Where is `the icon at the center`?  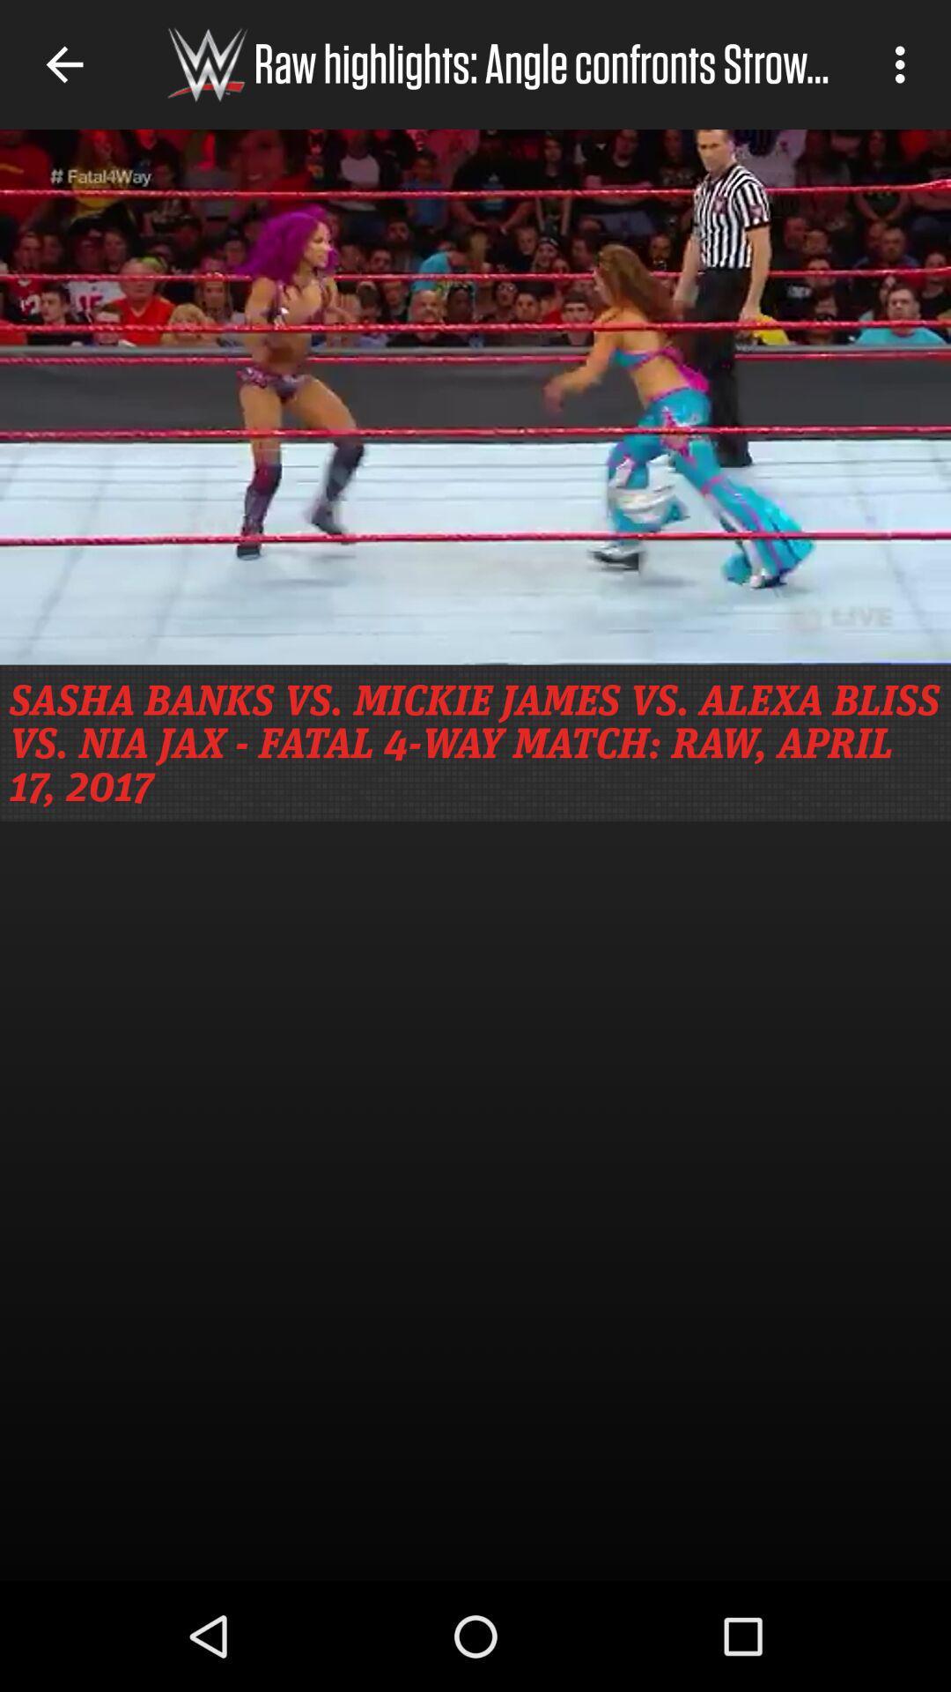
the icon at the center is located at coordinates (475, 743).